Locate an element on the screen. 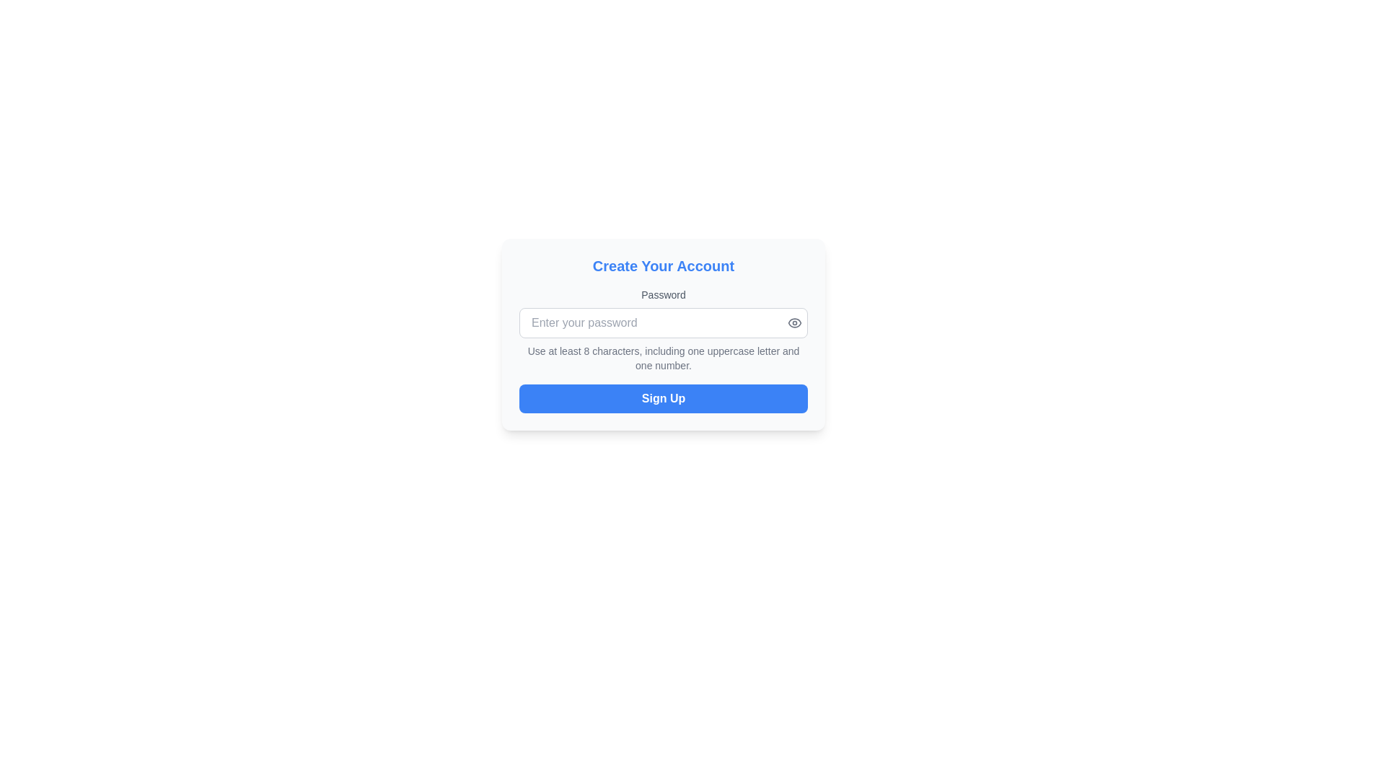  text from the text label that instructs users to 'Use at least 8 characters, including one uppercase letter and one number.' It is located below the password input field in the 'Create Your Account' panel is located at coordinates (663, 358).